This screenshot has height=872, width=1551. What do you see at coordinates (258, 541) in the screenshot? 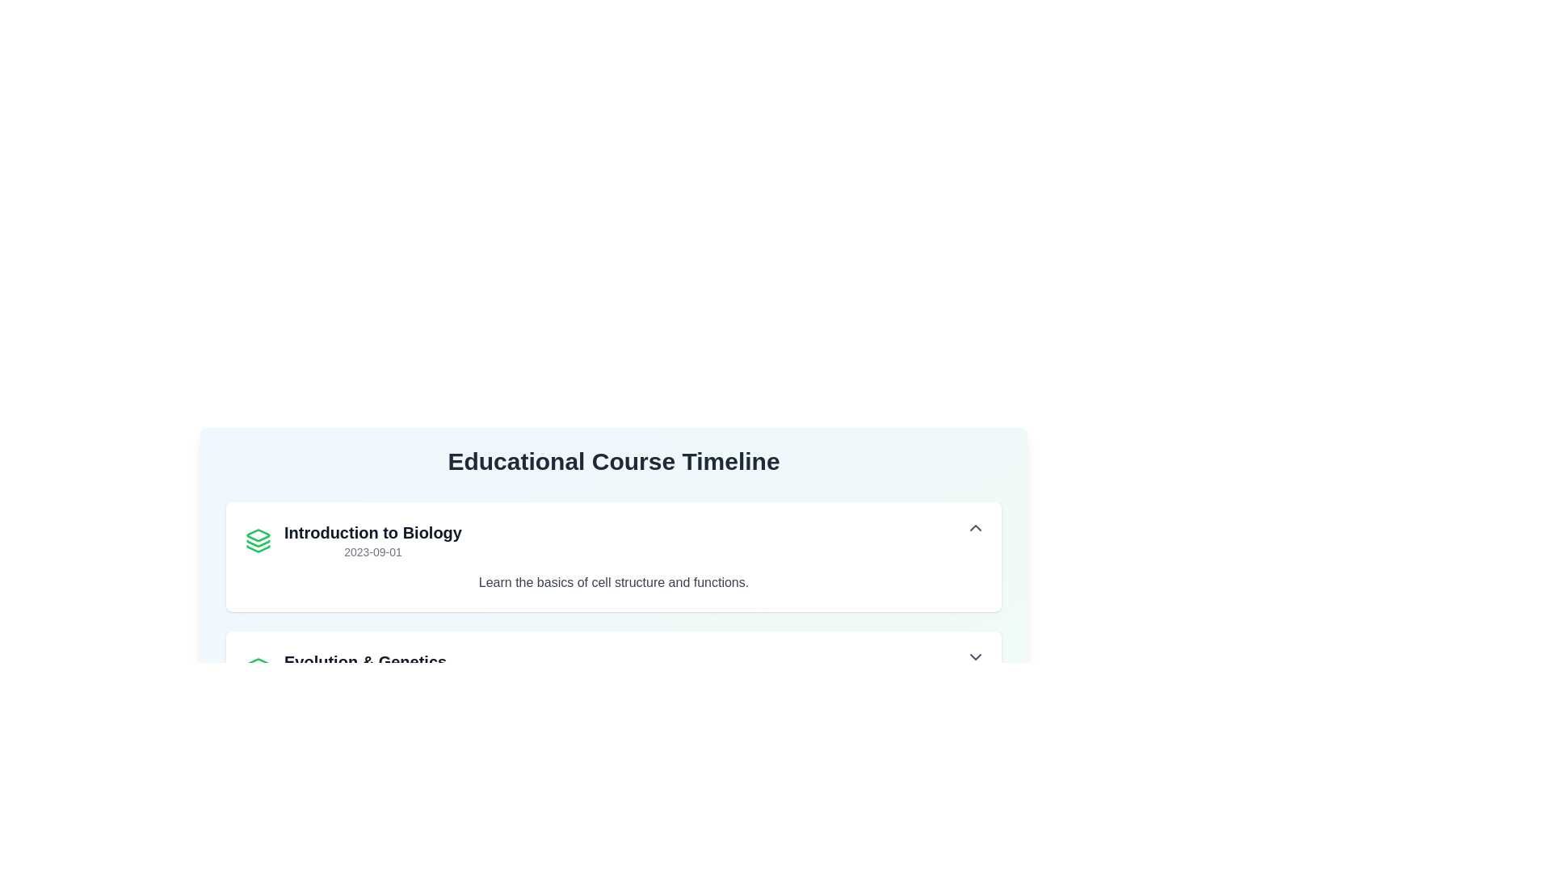
I see `the green icon representing stacked layers in the 'Introduction to Biology' card` at bounding box center [258, 541].